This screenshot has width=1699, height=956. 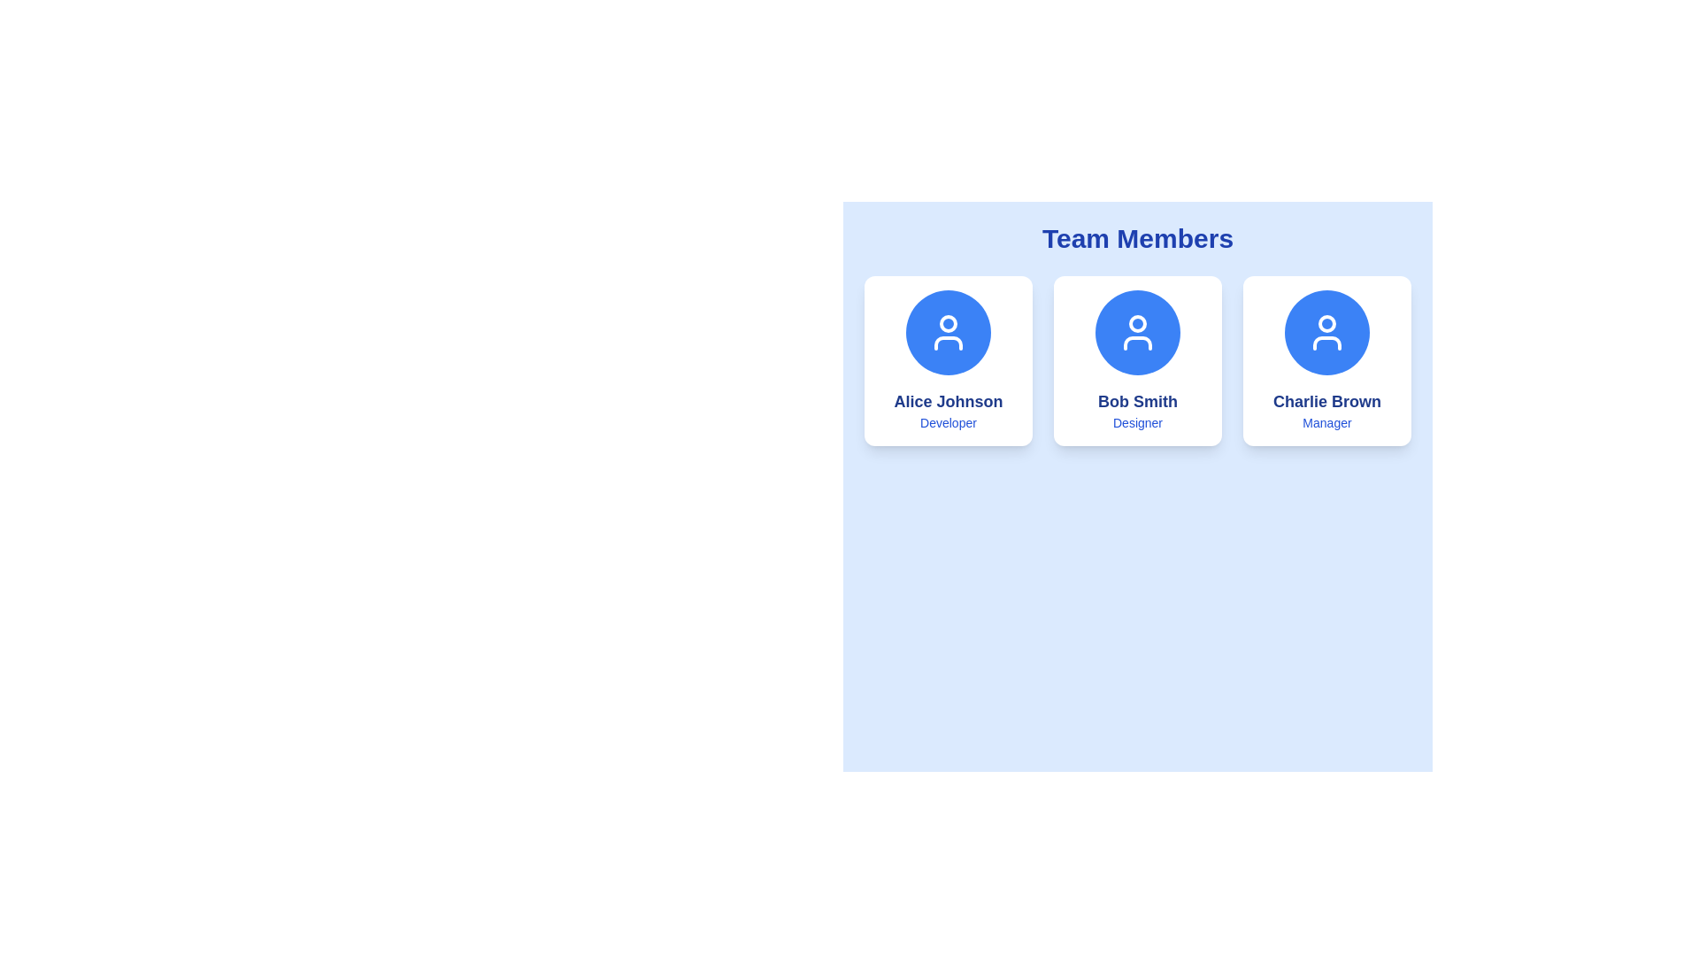 What do you see at coordinates (1326, 332) in the screenshot?
I see `the circular icon with a blue background and a white user profile symbol at its center, located at the center-top of the card representing 'Charlie Brown'` at bounding box center [1326, 332].